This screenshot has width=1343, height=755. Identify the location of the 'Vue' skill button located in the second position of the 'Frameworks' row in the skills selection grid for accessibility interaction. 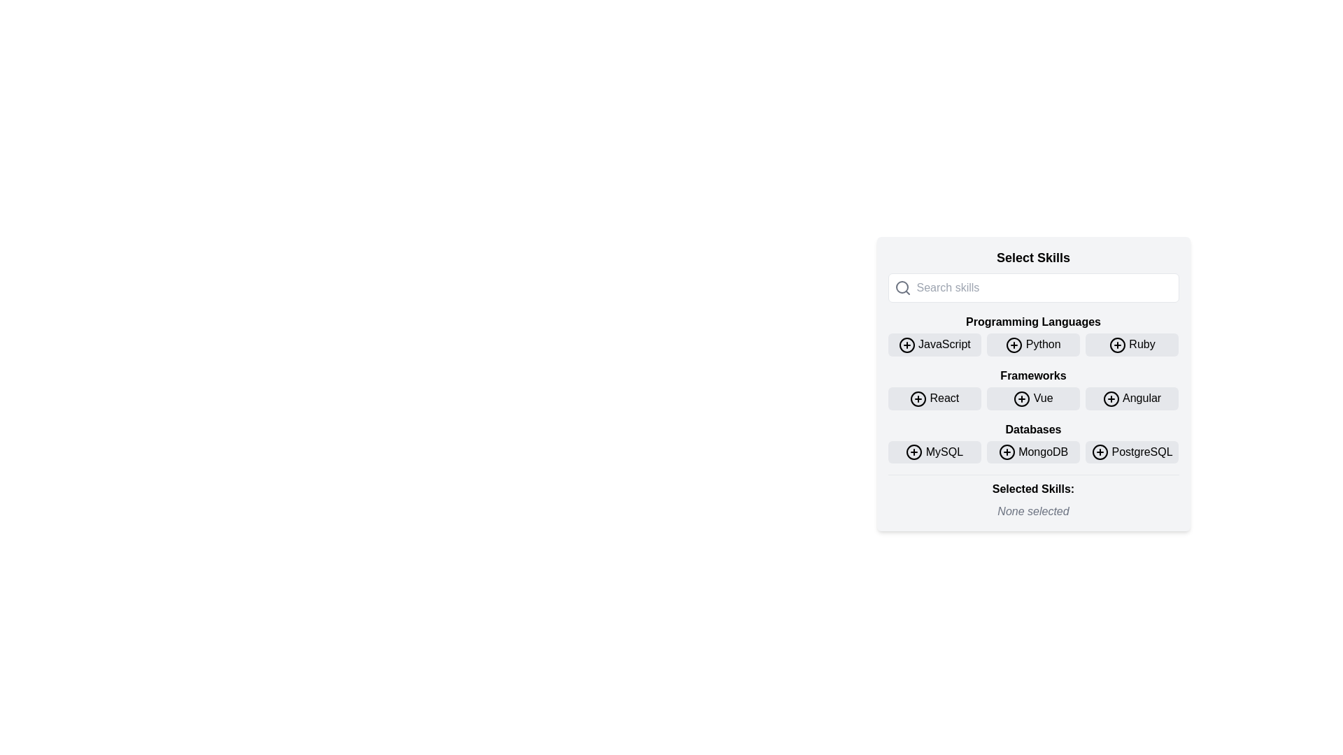
(1033, 398).